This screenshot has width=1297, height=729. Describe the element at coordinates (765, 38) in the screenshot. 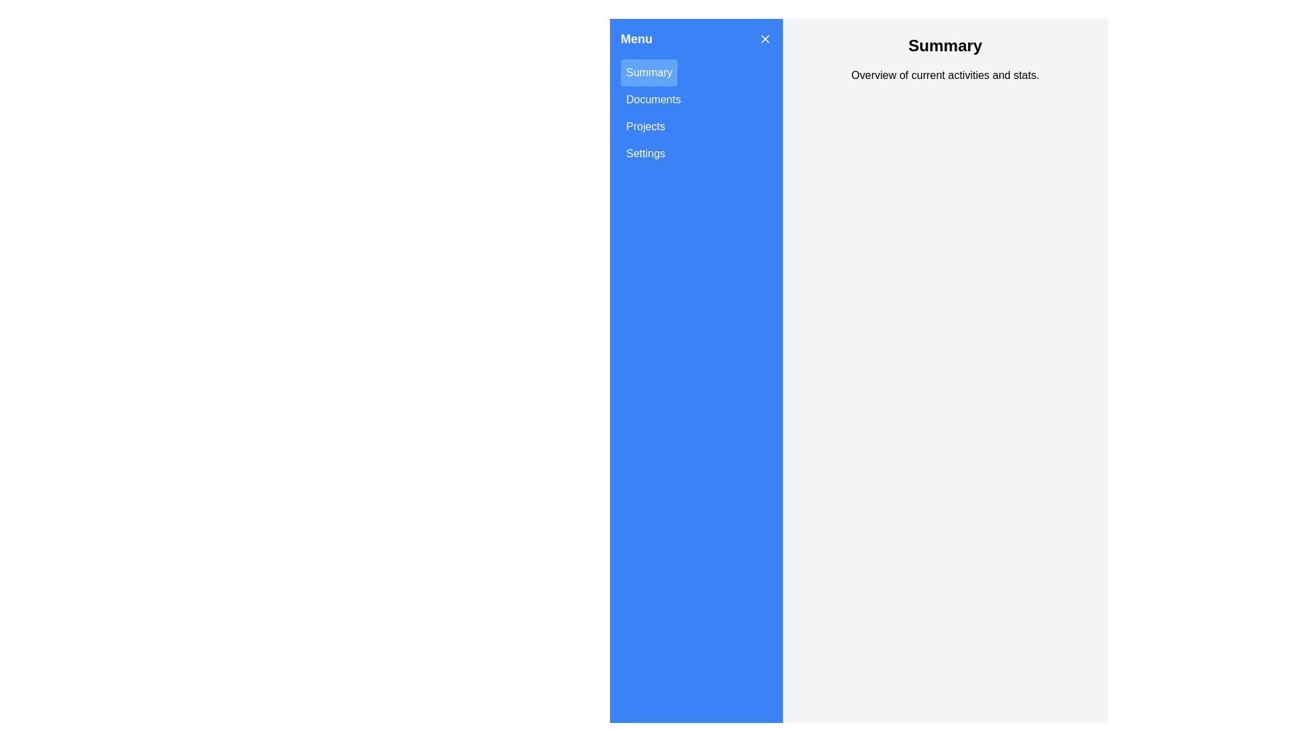

I see `the close button in the drawer's header to toggle its visibility` at that location.